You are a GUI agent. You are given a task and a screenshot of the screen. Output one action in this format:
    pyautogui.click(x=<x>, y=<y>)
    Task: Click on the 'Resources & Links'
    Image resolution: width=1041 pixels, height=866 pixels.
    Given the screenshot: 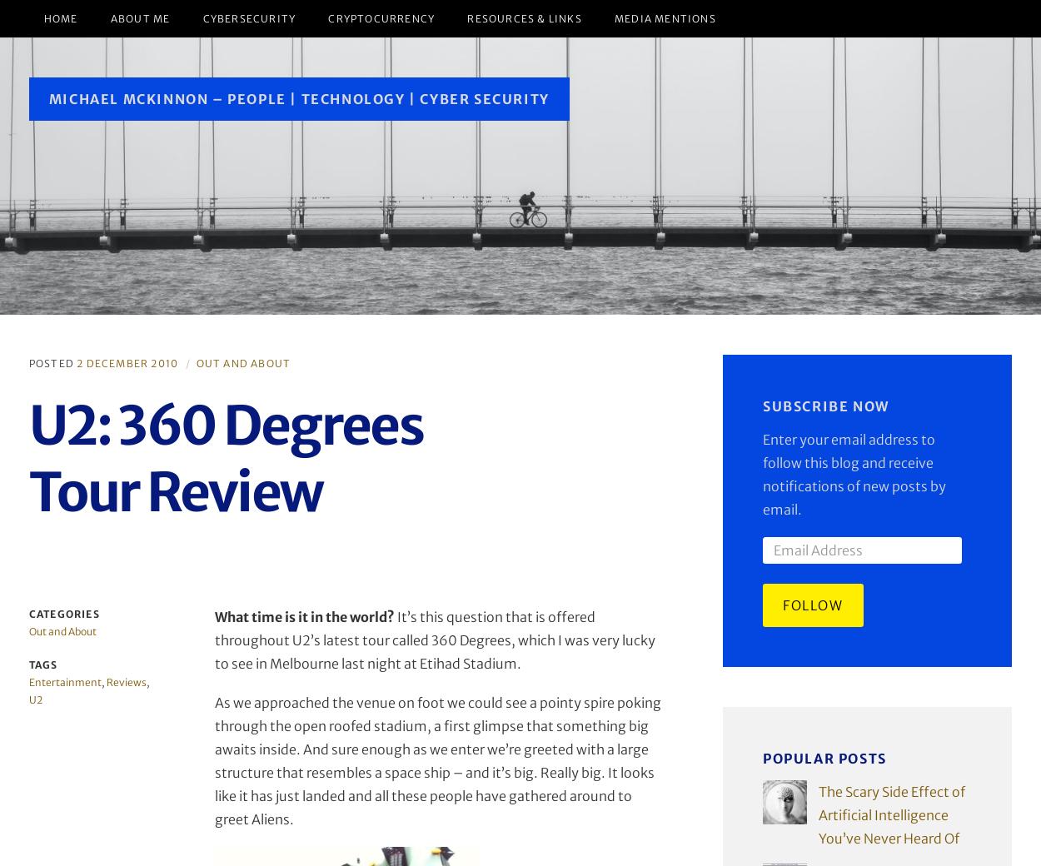 What is the action you would take?
    pyautogui.click(x=524, y=17)
    